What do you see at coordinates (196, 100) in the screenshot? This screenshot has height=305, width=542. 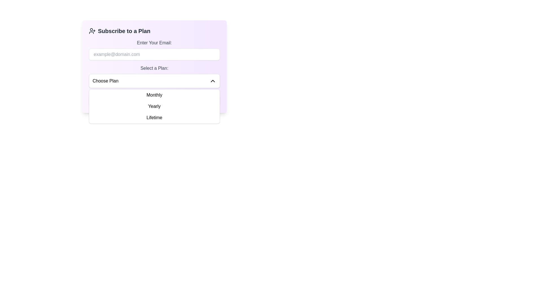 I see `the cancellation icon located on the leftmost side of the 'Cancel' button towards the middle-right of the interface` at bounding box center [196, 100].